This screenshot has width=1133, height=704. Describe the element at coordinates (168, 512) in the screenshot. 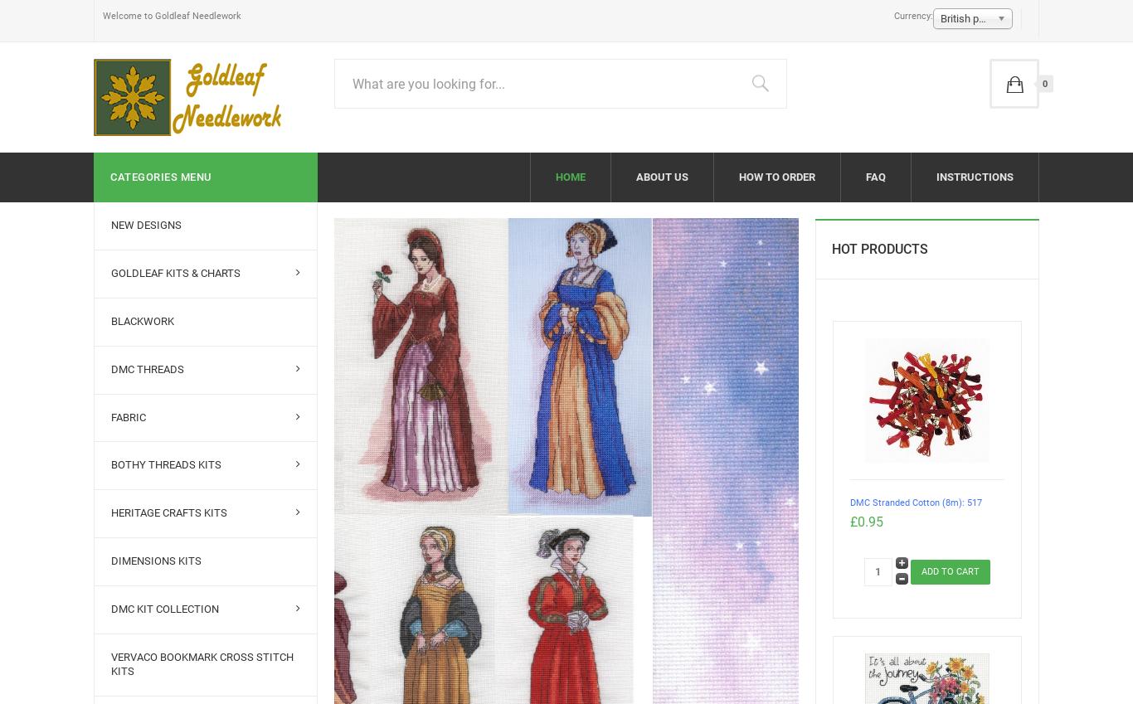

I see `'Heritage Crafts Kits'` at that location.